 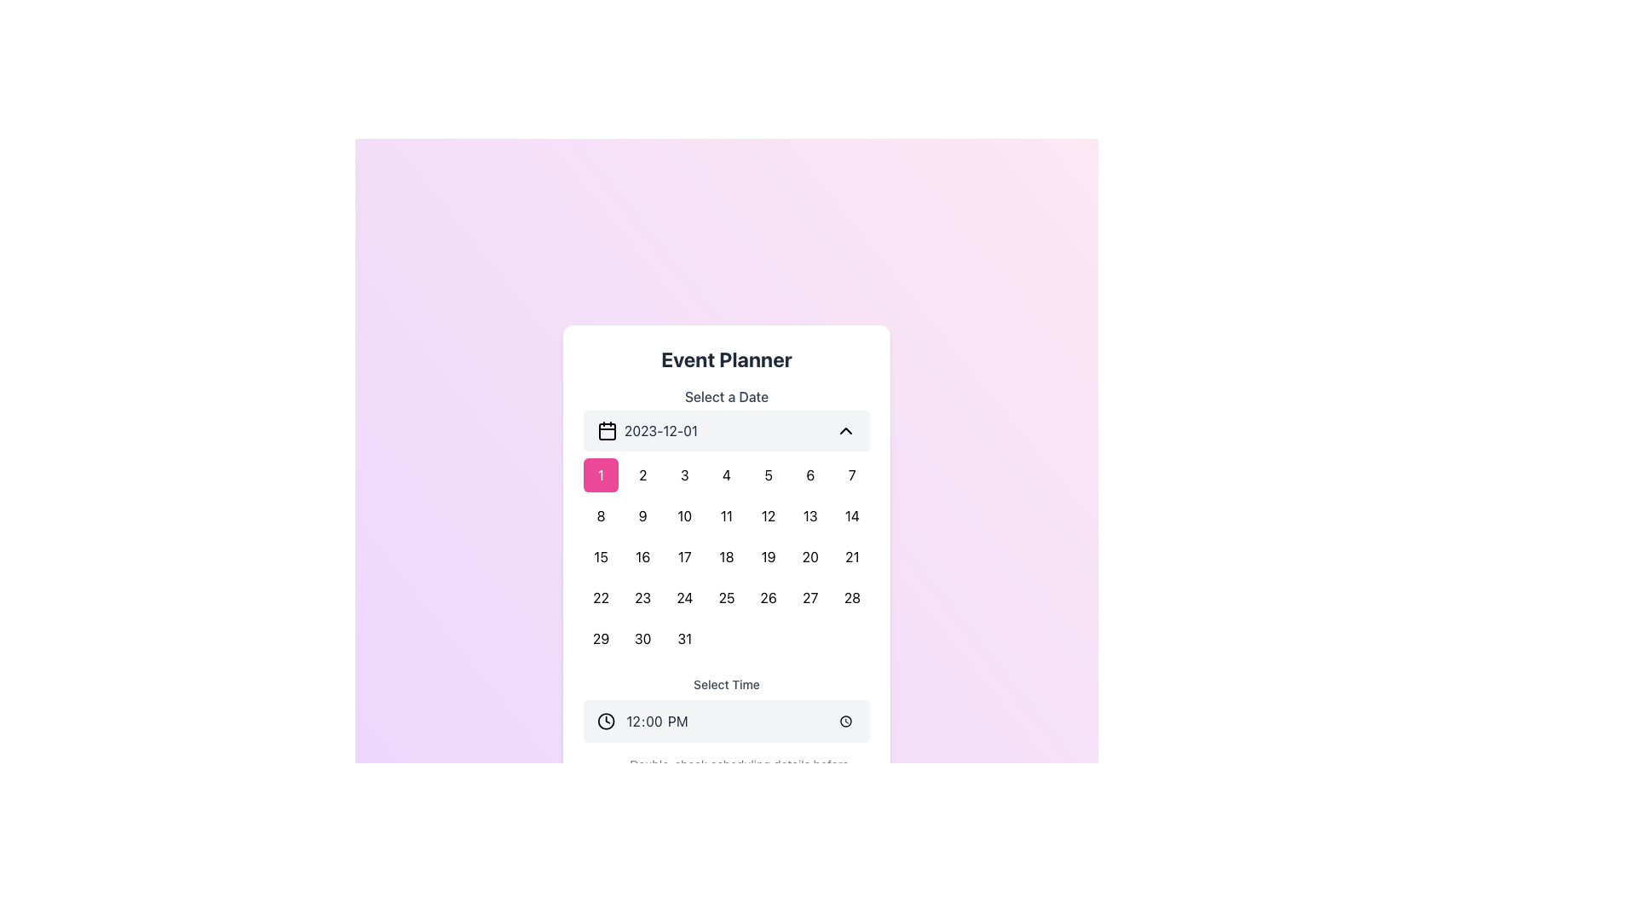 I want to click on the square button containing the text '22' located in the fourth row and first column of the calendar grid in the date-picker interface to trigger visual feedback, so click(x=601, y=597).